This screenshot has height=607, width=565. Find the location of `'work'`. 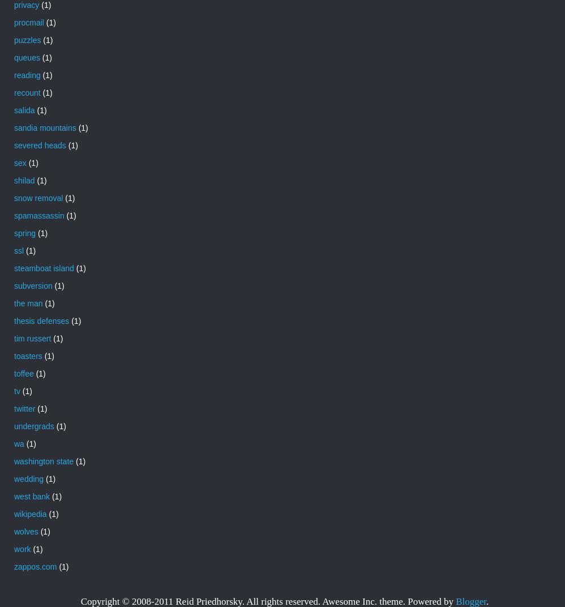

'work' is located at coordinates (14, 548).